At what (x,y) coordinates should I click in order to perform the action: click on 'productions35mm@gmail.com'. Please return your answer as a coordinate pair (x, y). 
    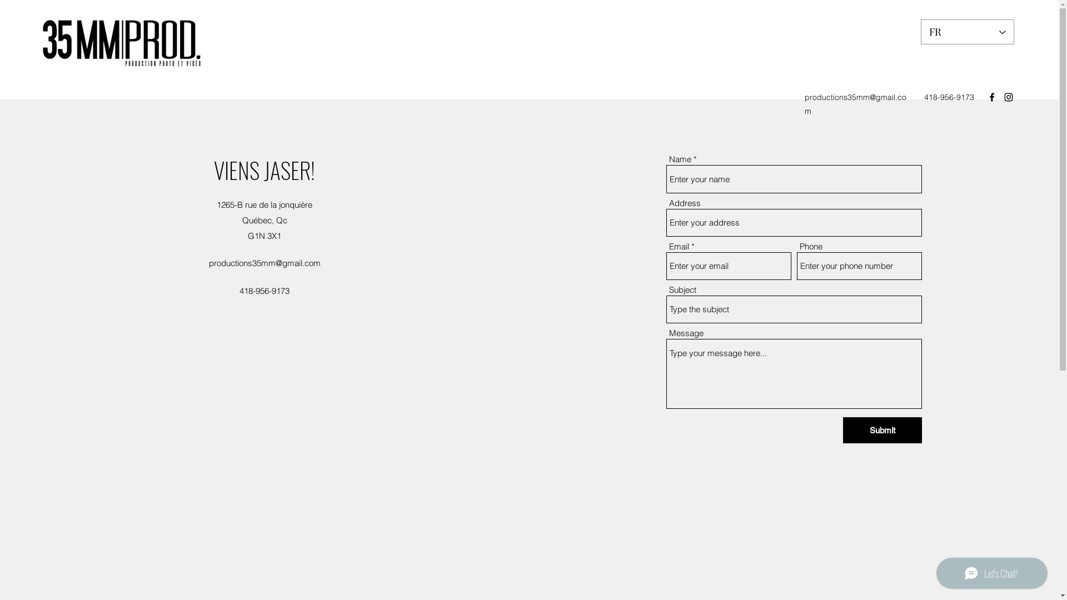
    Looking at the image, I should click on (264, 263).